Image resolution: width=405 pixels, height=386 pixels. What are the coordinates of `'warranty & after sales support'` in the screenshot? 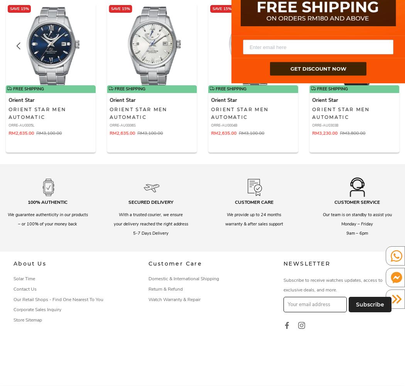 It's located at (253, 223).